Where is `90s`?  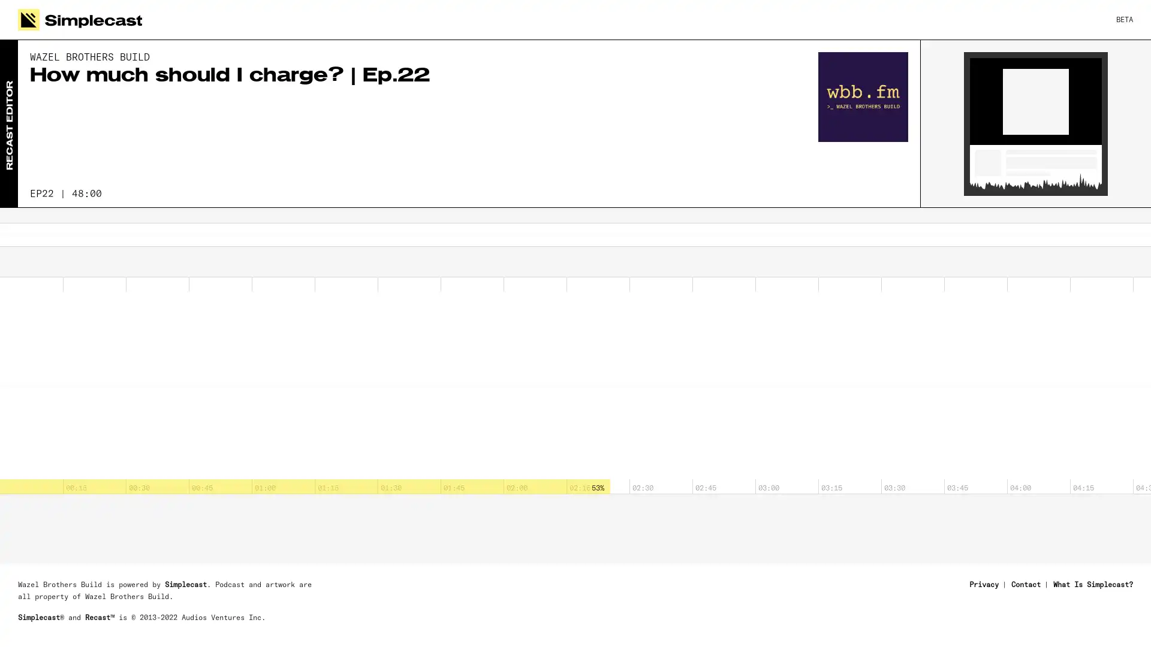
90s is located at coordinates (95, 265).